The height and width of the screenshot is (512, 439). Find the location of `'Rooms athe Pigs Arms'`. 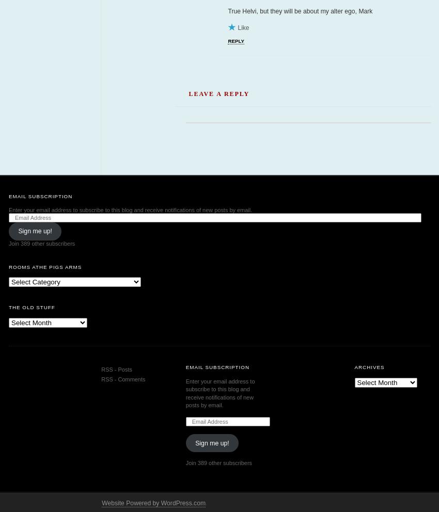

'Rooms athe Pigs Arms' is located at coordinates (44, 348).